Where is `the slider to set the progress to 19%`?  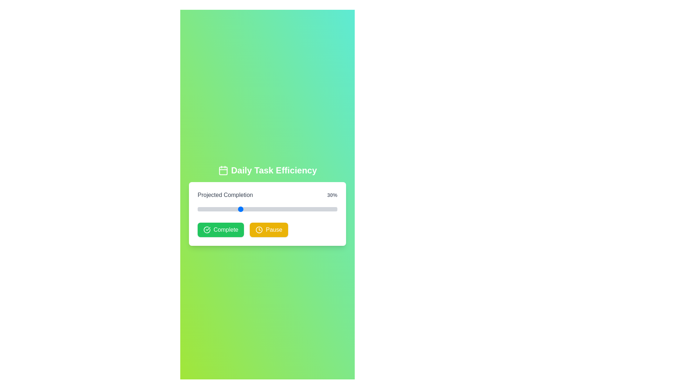
the slider to set the progress to 19% is located at coordinates (224, 209).